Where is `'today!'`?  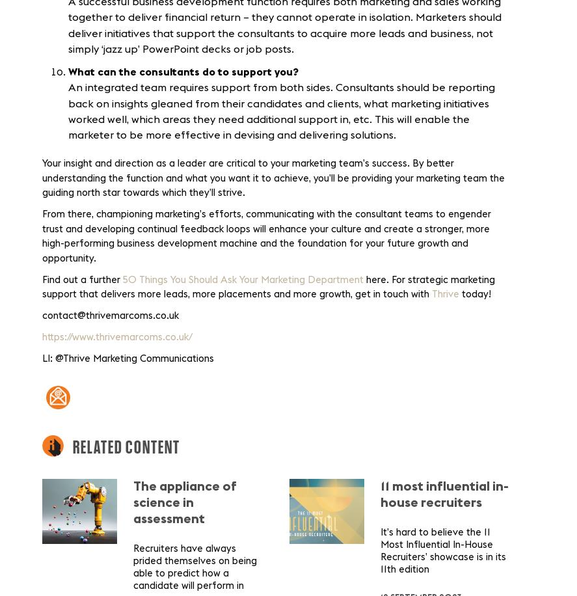 'today!' is located at coordinates (475, 293).